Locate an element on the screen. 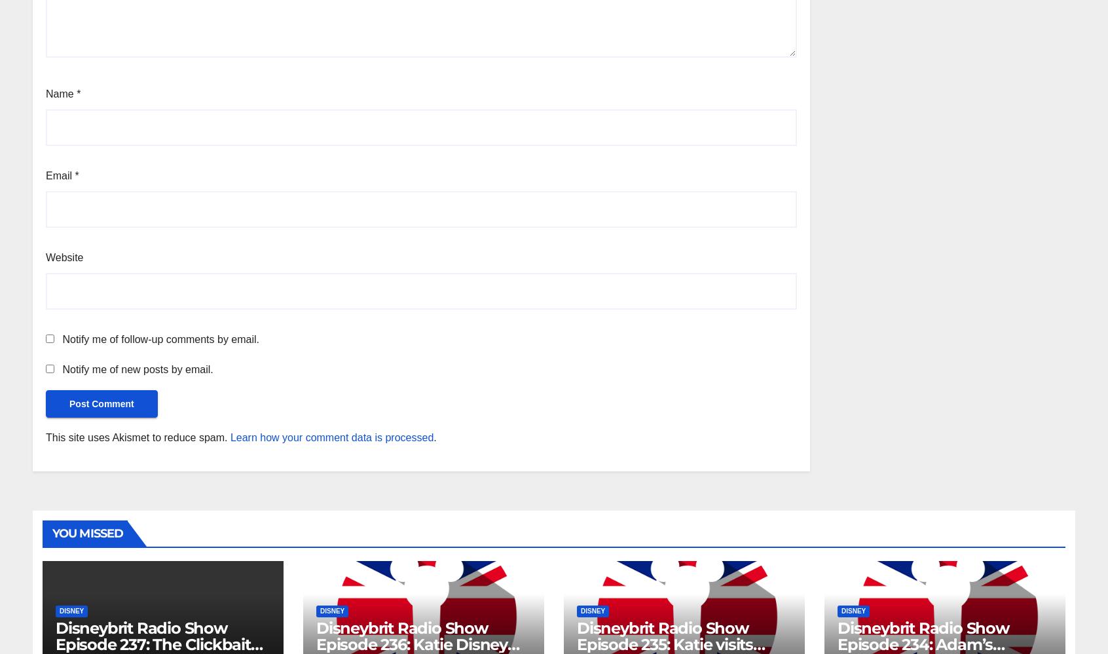  'You missed' is located at coordinates (88, 532).